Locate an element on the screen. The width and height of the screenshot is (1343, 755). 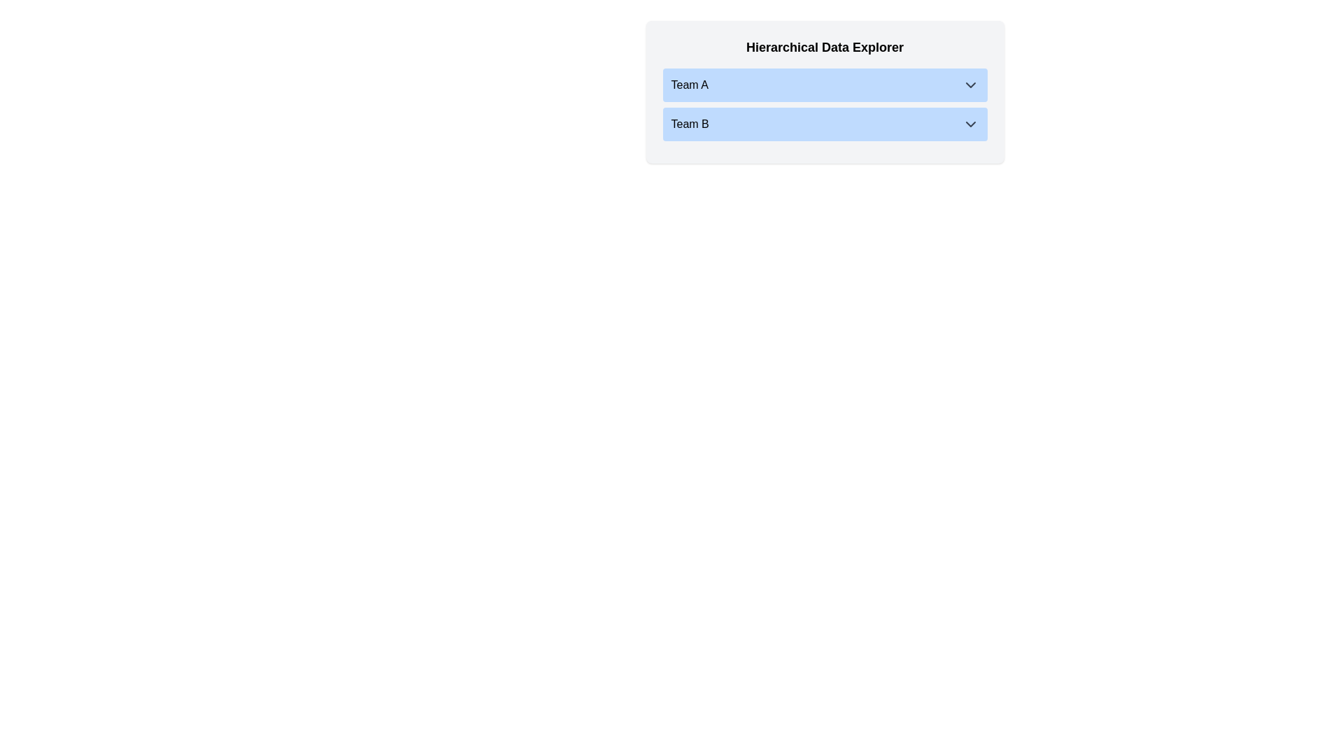
the text of the group name Team A is located at coordinates (690, 85).